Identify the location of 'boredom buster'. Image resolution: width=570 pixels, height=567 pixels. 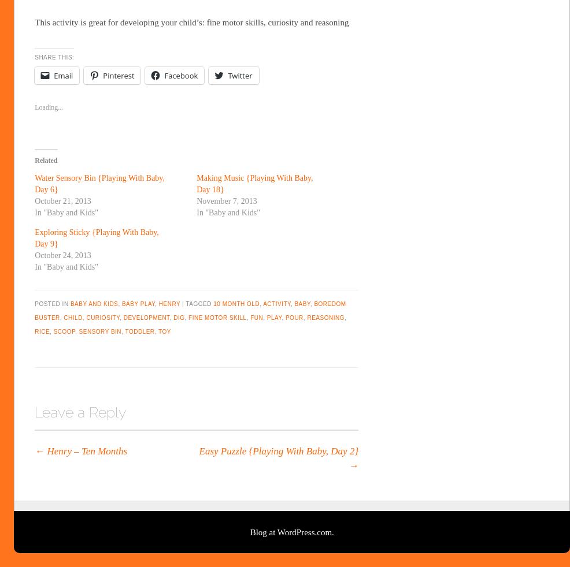
(34, 310).